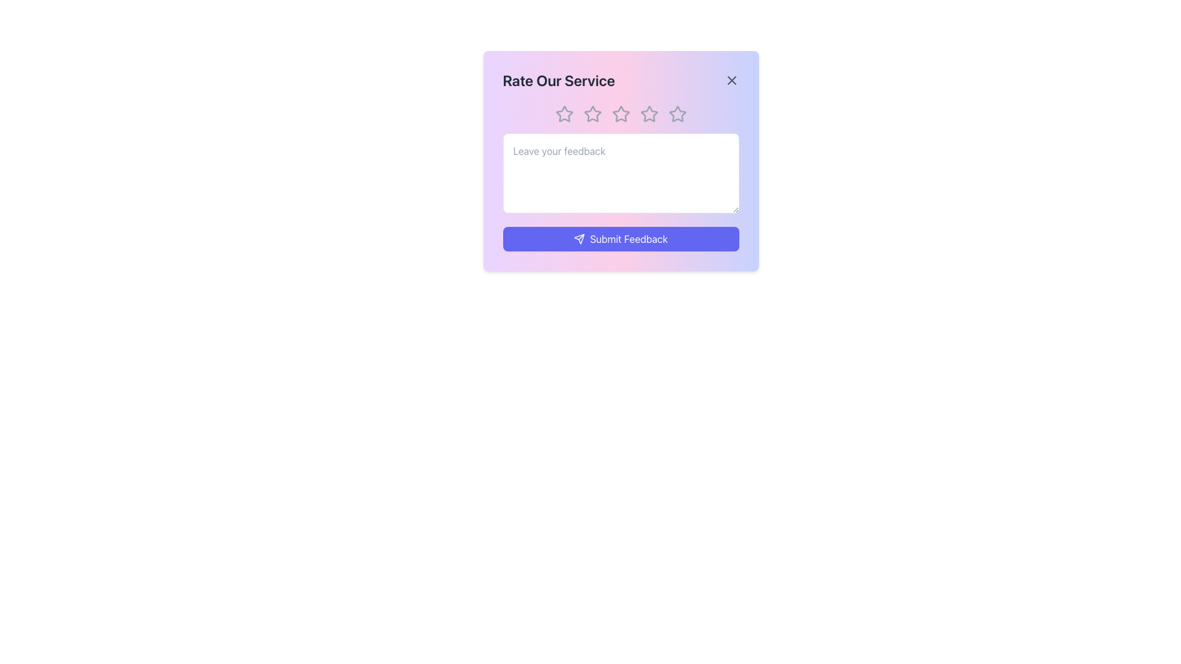  What do you see at coordinates (677, 114) in the screenshot?
I see `the fifth star-shaped icon in the 'Rate Our Service' modal` at bounding box center [677, 114].